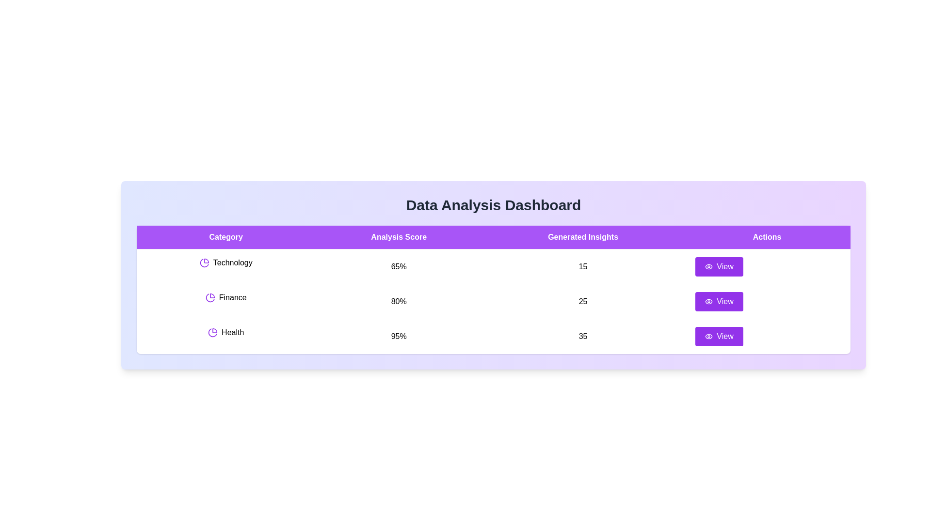 The width and height of the screenshot is (931, 523). What do you see at coordinates (767, 237) in the screenshot?
I see `the column header labeled 'Actions' to sort the data` at bounding box center [767, 237].